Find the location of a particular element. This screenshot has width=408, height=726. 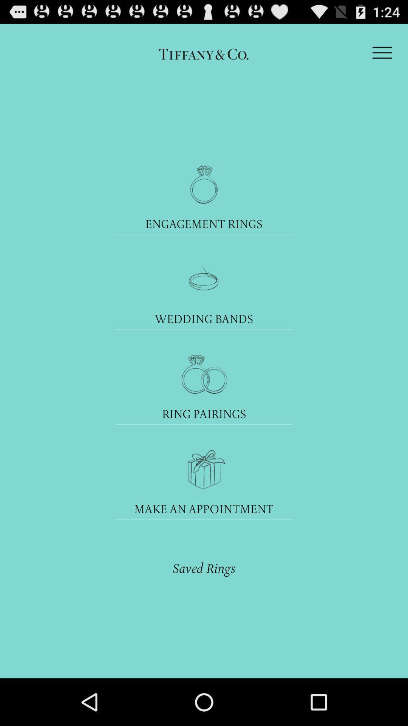

the item above engagement rings icon is located at coordinates (382, 52).